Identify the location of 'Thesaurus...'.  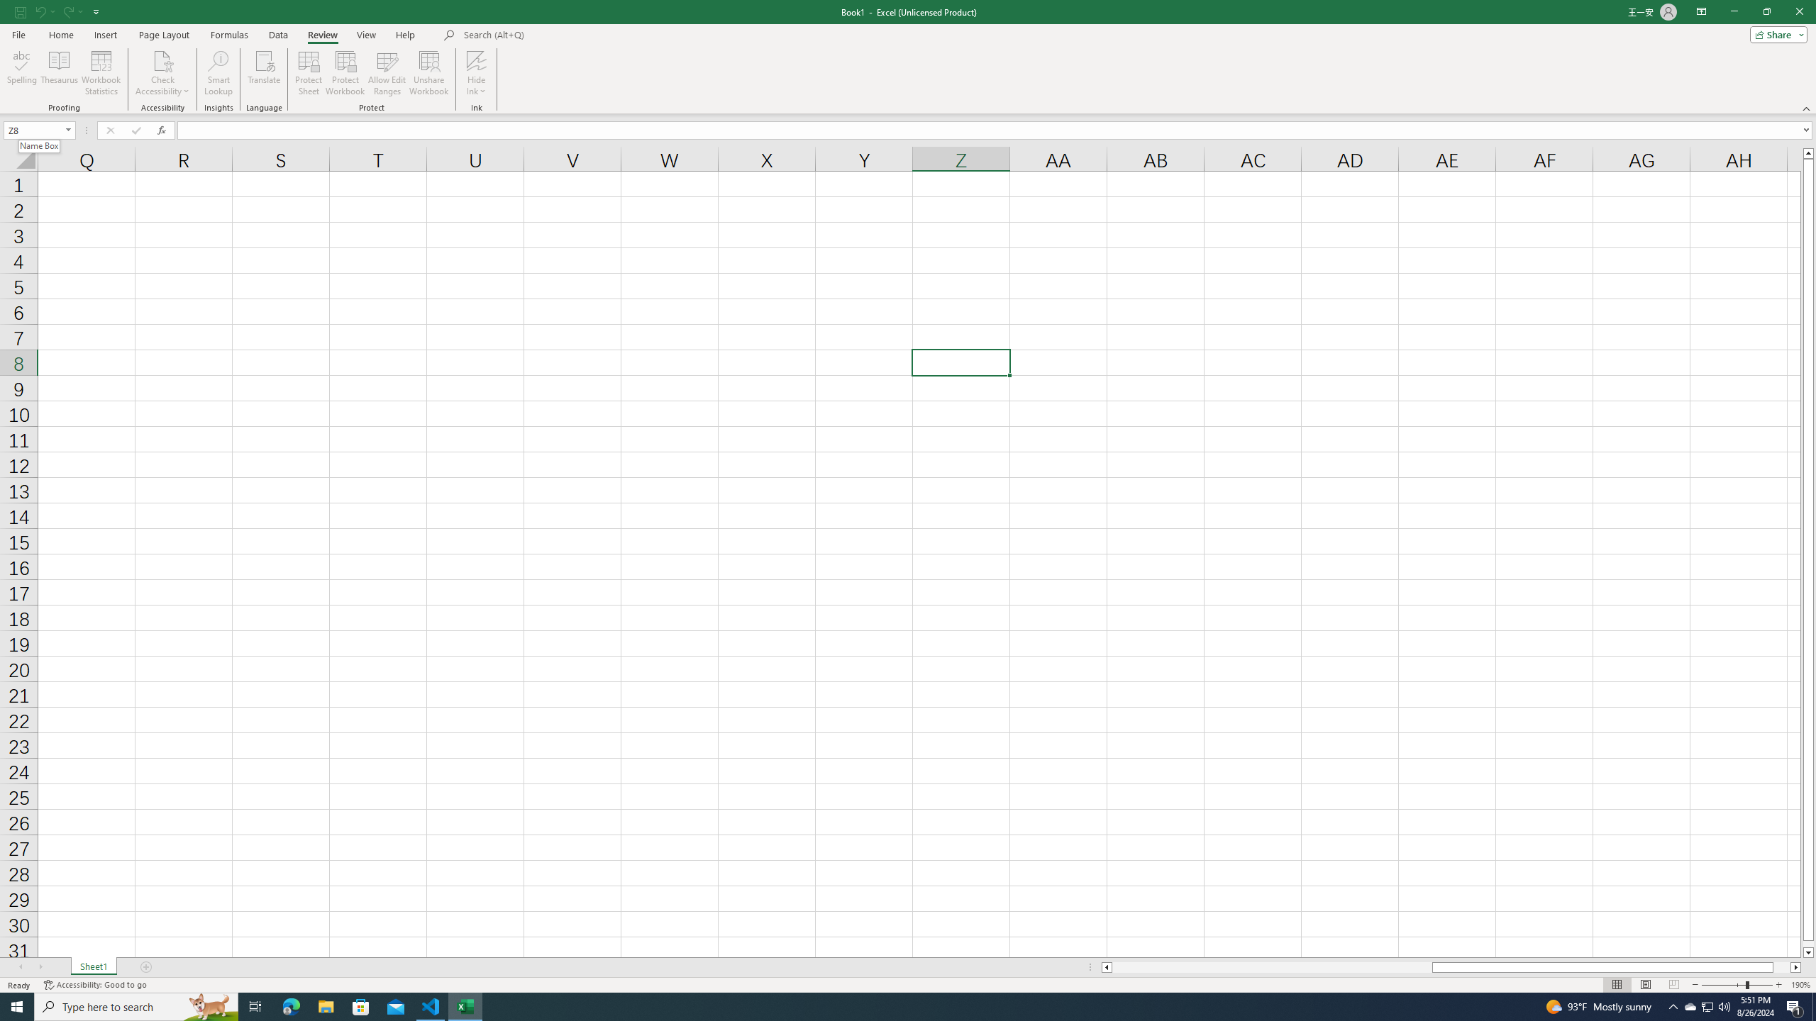
(58, 73).